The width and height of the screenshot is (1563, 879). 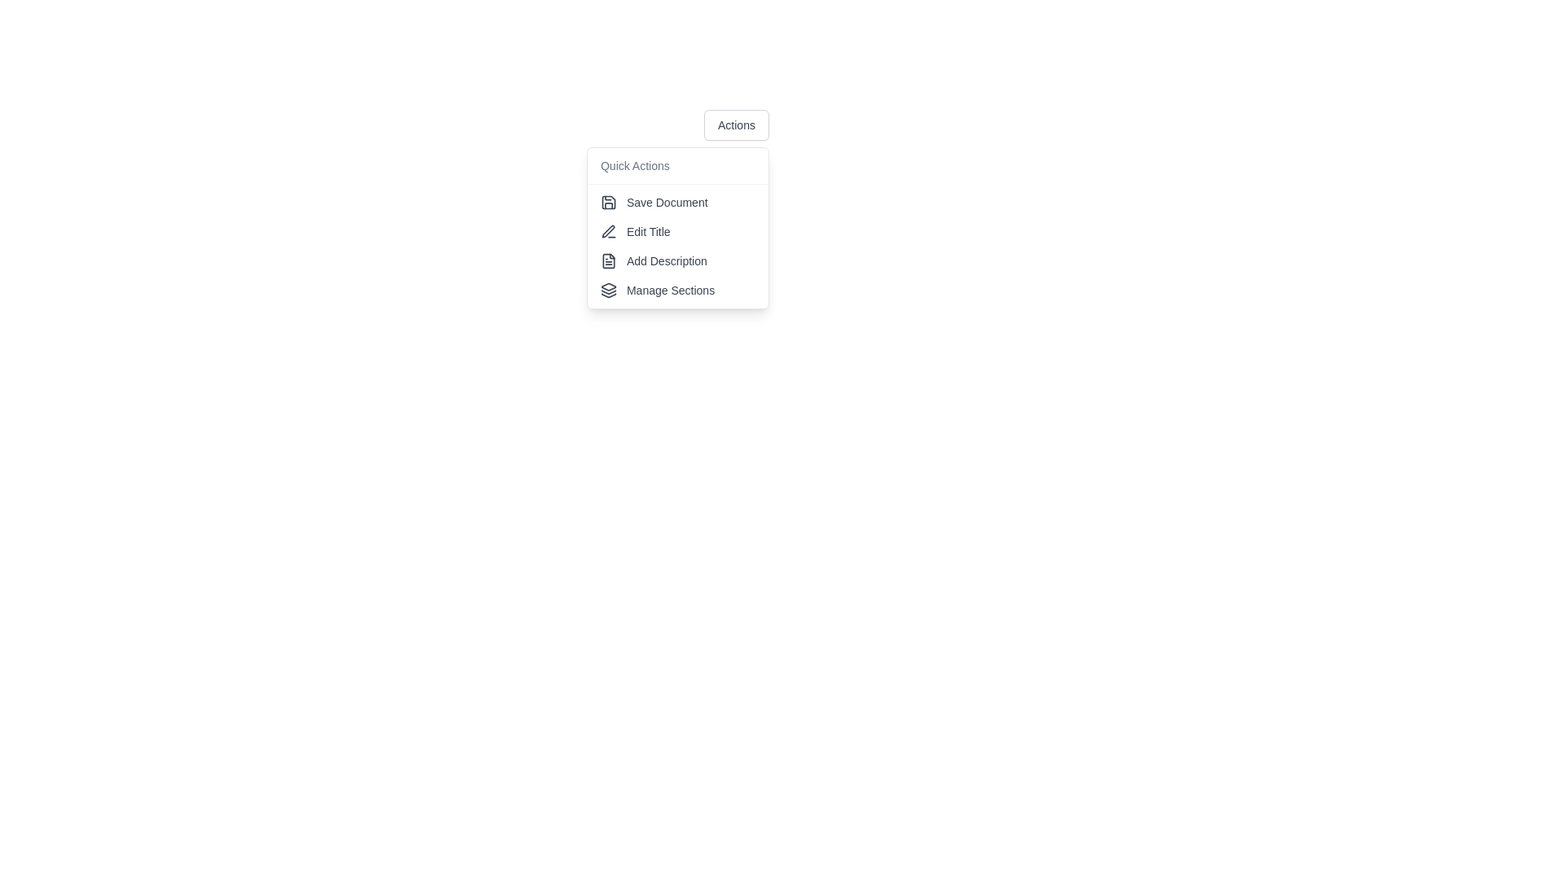 What do you see at coordinates (608, 260) in the screenshot?
I see `the icon associated with the 'Add Description' menu item` at bounding box center [608, 260].